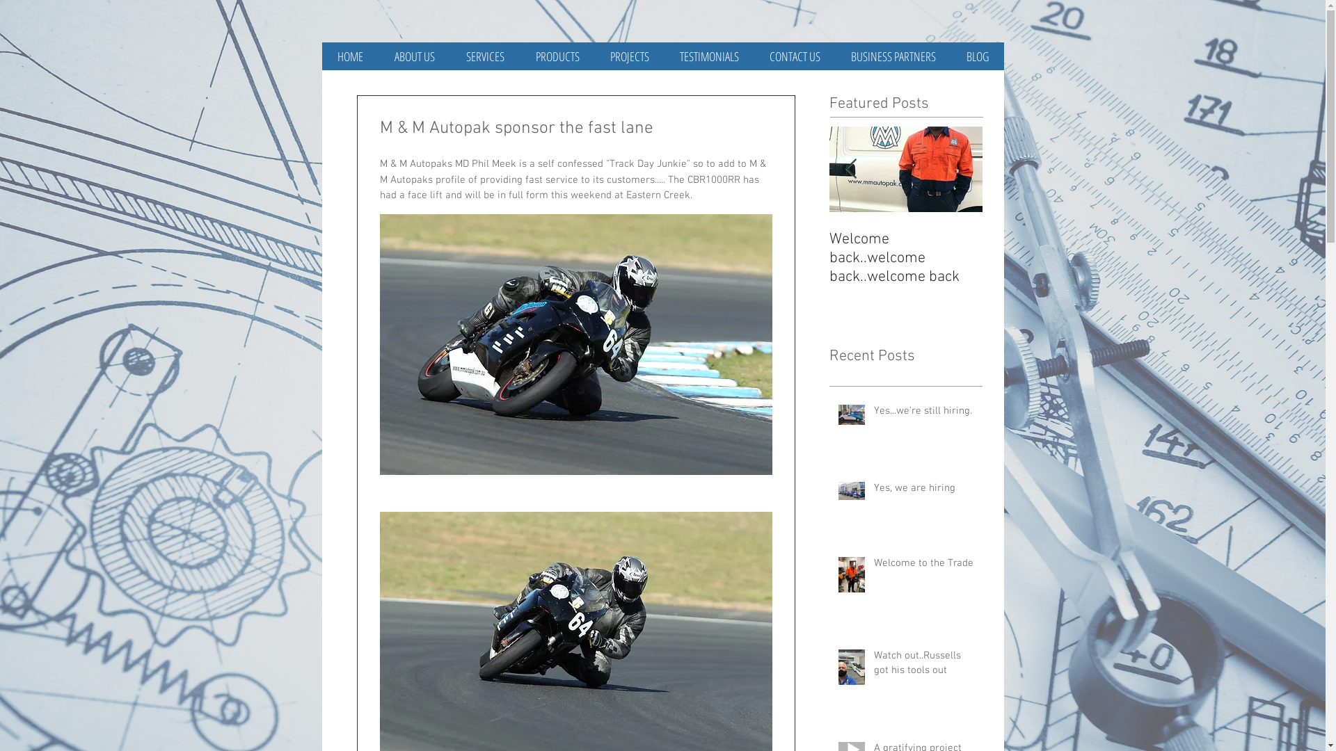  I want to click on 'Welcome to the Trade', so click(924, 566).